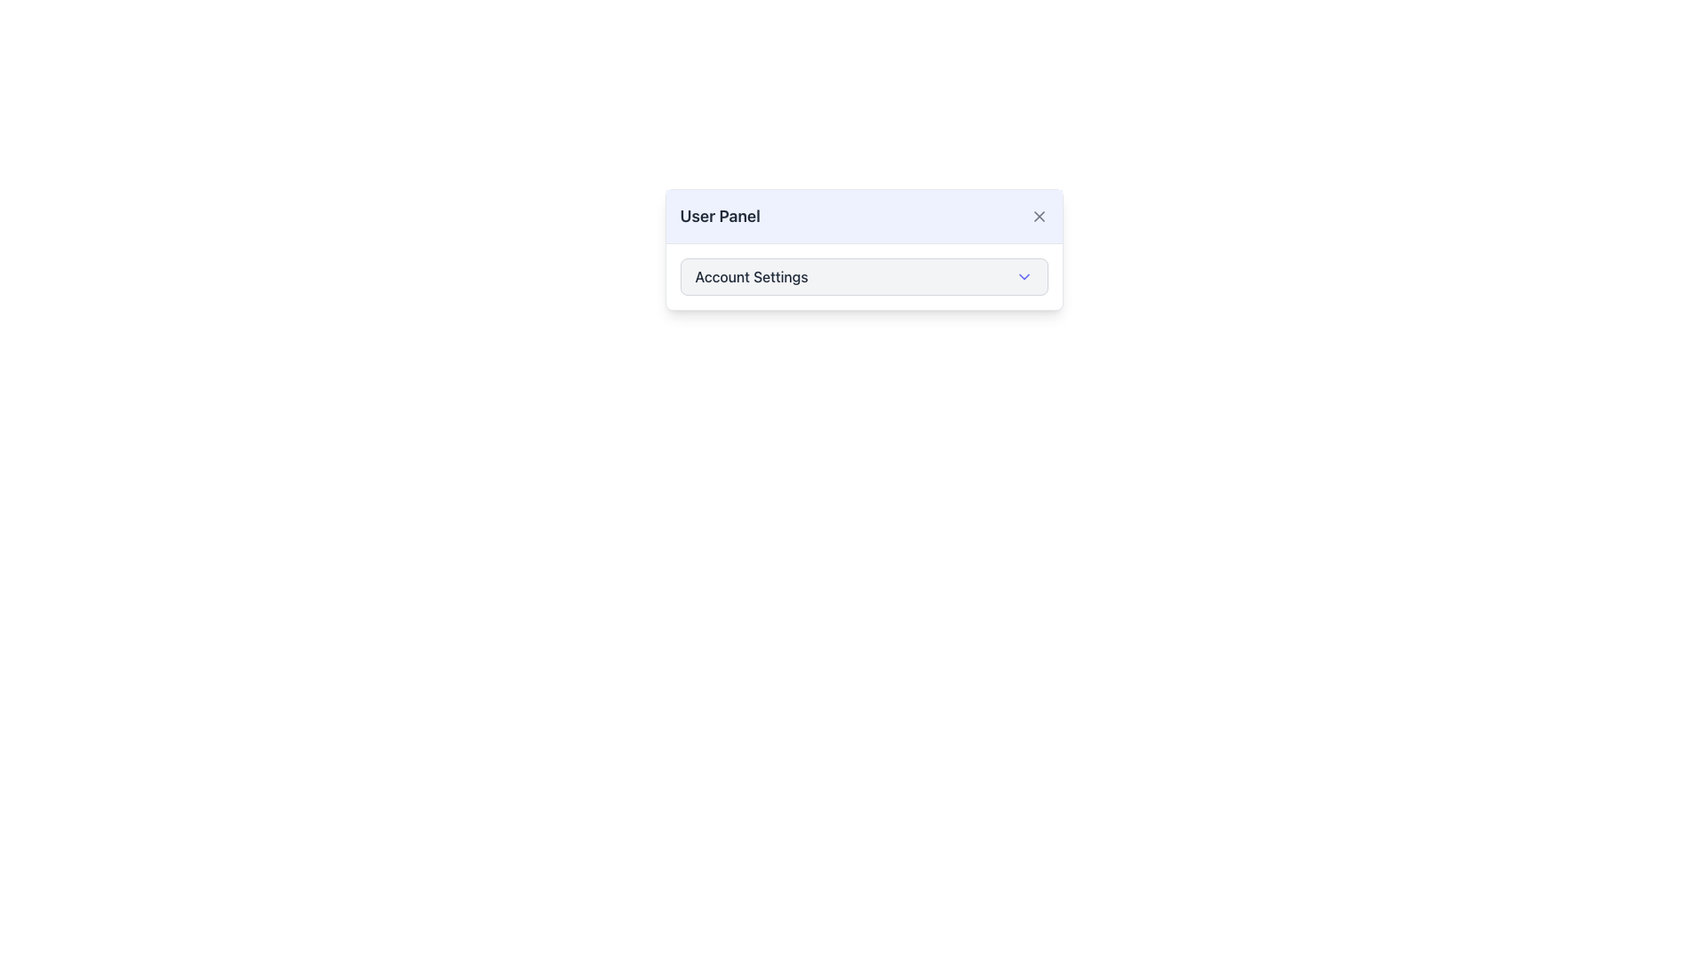 The width and height of the screenshot is (1706, 959). Describe the element at coordinates (1024, 277) in the screenshot. I see `the Dropdown indicator (chevron icon) located at the right end of the 'Account Settings' label` at that location.